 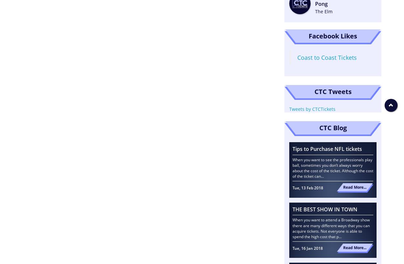 What do you see at coordinates (333, 36) in the screenshot?
I see `'Facebook Likes'` at bounding box center [333, 36].